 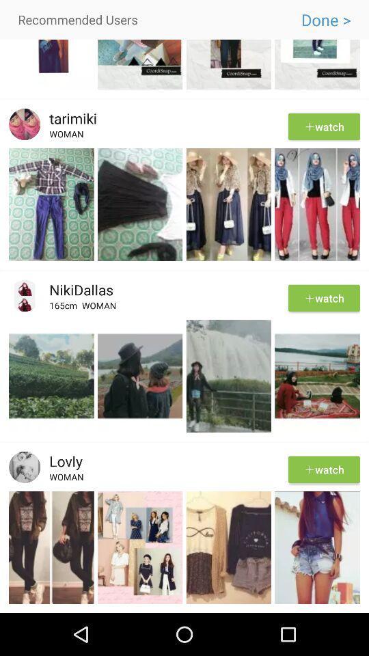 What do you see at coordinates (184, 318) in the screenshot?
I see `icon below 165cm icon` at bounding box center [184, 318].